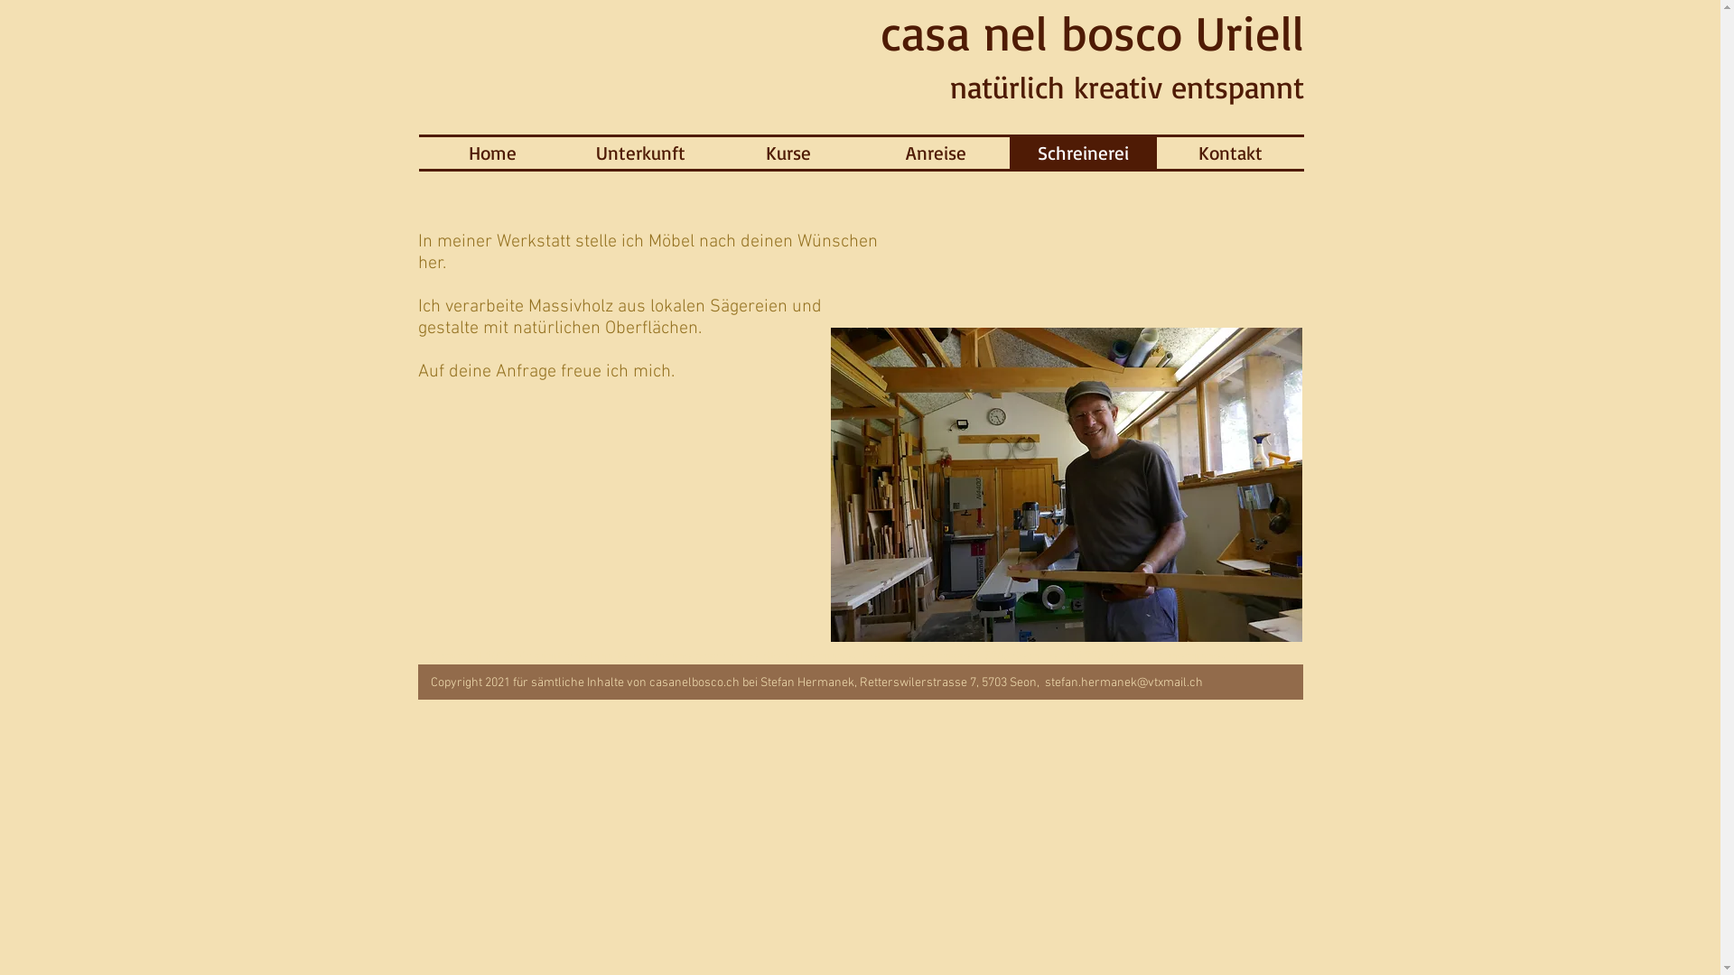 The image size is (1734, 975). Describe the element at coordinates (1066, 483) in the screenshot. I see `'P1040486.JPG'` at that location.